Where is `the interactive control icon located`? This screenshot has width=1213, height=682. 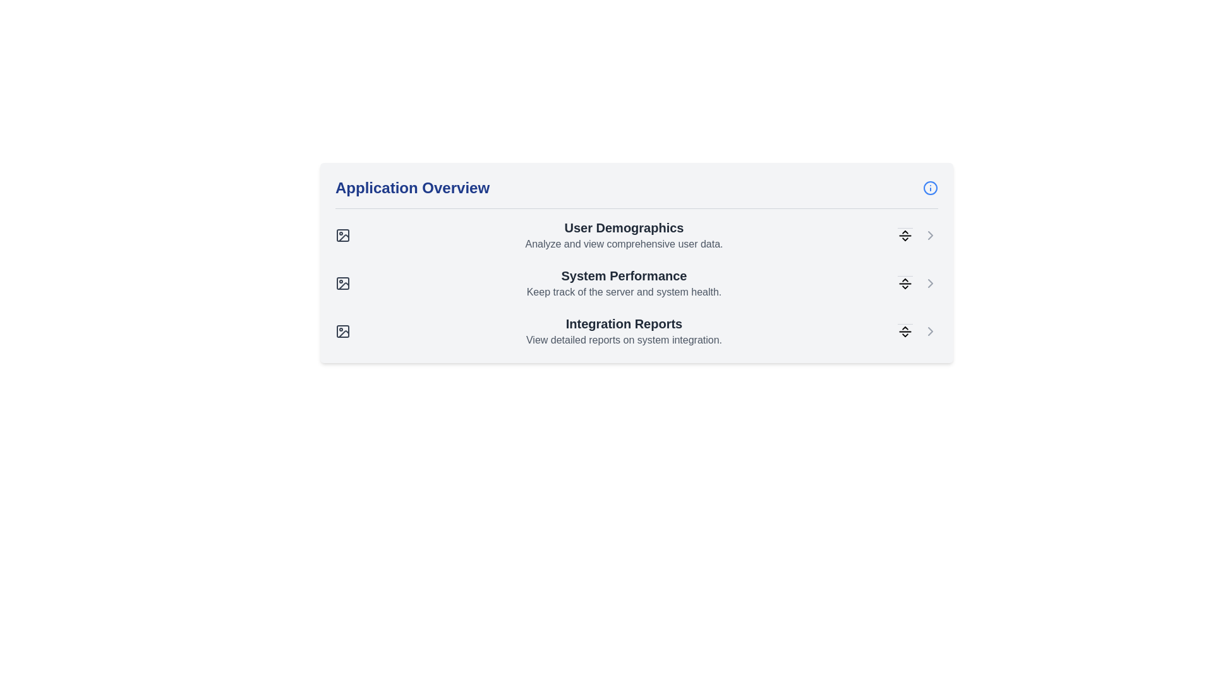
the interactive control icon located is located at coordinates (905, 282).